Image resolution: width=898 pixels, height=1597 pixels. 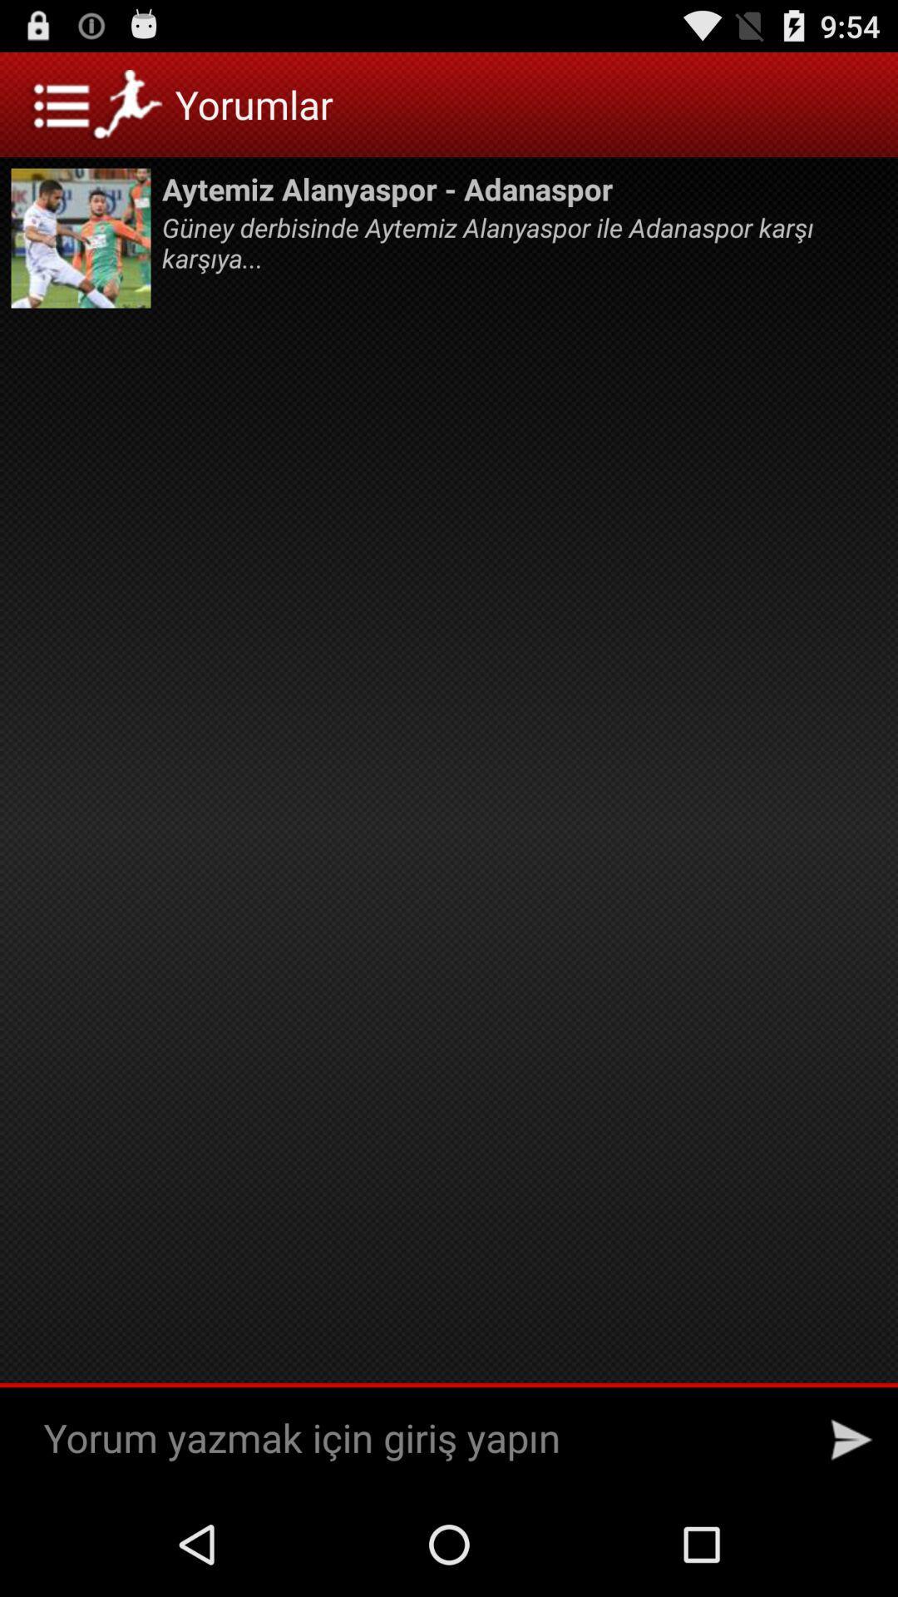 What do you see at coordinates (418, 1439) in the screenshot?
I see `a comment` at bounding box center [418, 1439].